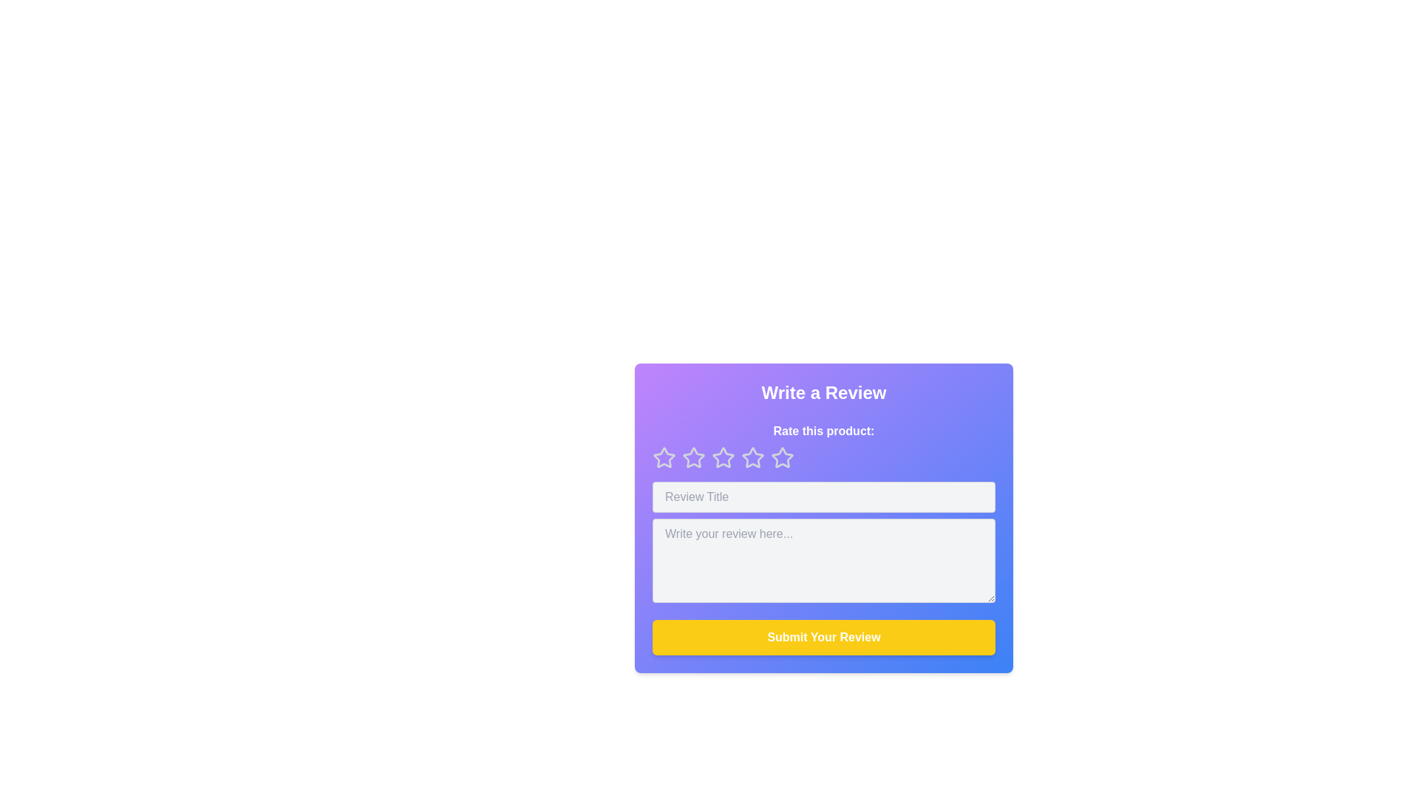 The height and width of the screenshot is (798, 1419). What do you see at coordinates (823, 431) in the screenshot?
I see `the instructional label guiding the user to rate the product, located directly underneath the 'Write a Review' heading` at bounding box center [823, 431].